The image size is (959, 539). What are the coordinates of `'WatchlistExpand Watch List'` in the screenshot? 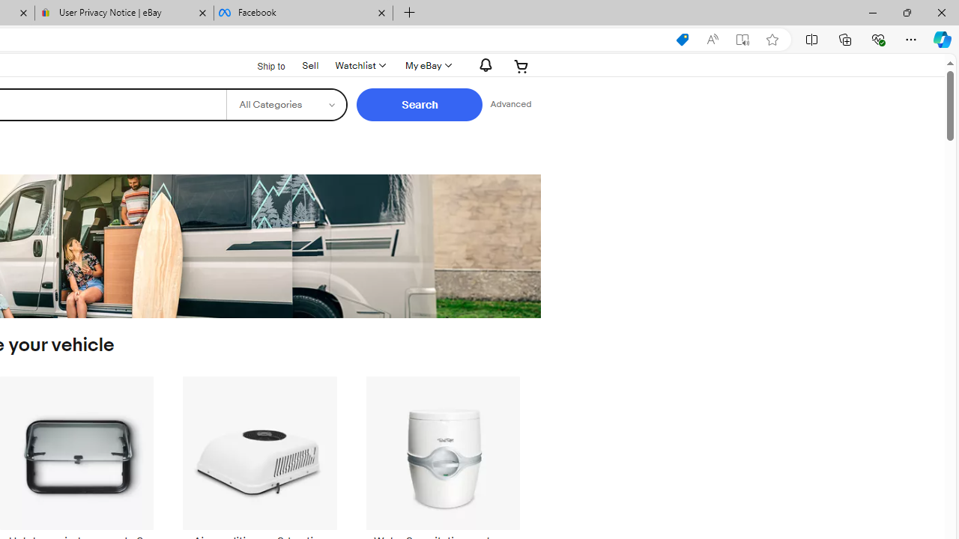 It's located at (360, 65).